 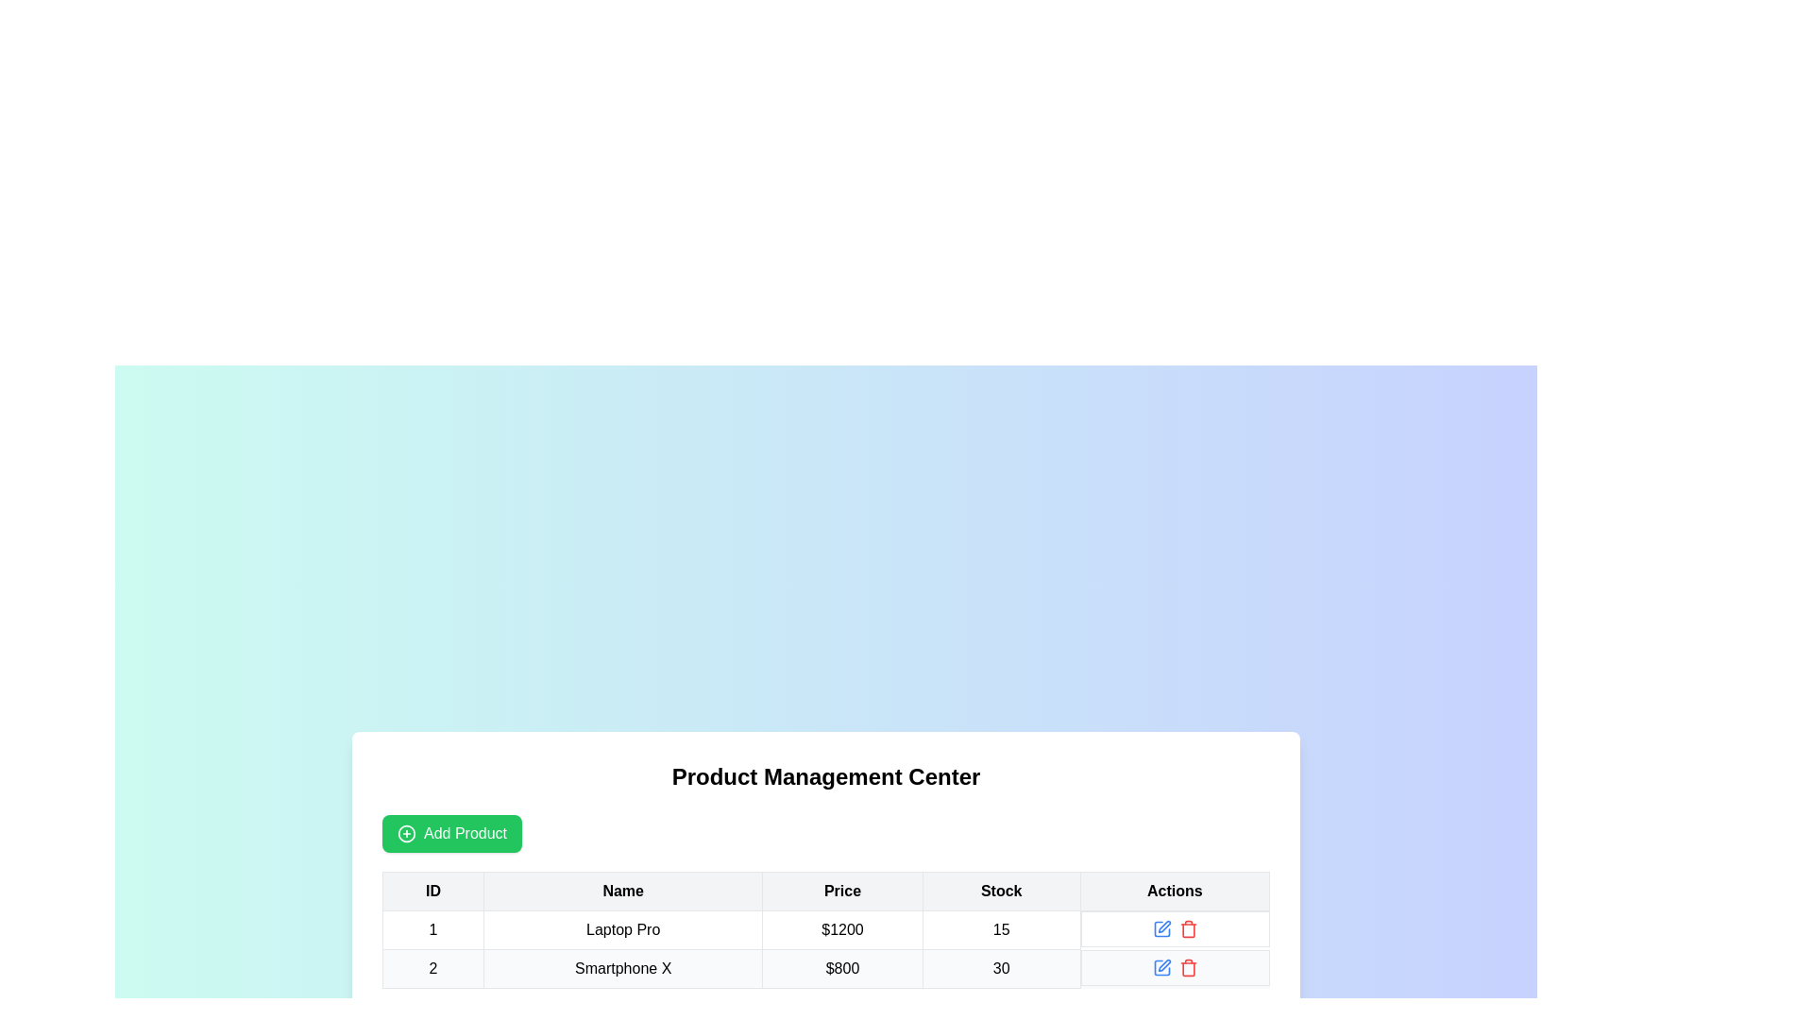 I want to click on the delete button, the second interactive icon in the 'Actions' column of the second row of the data table, so click(x=1187, y=967).